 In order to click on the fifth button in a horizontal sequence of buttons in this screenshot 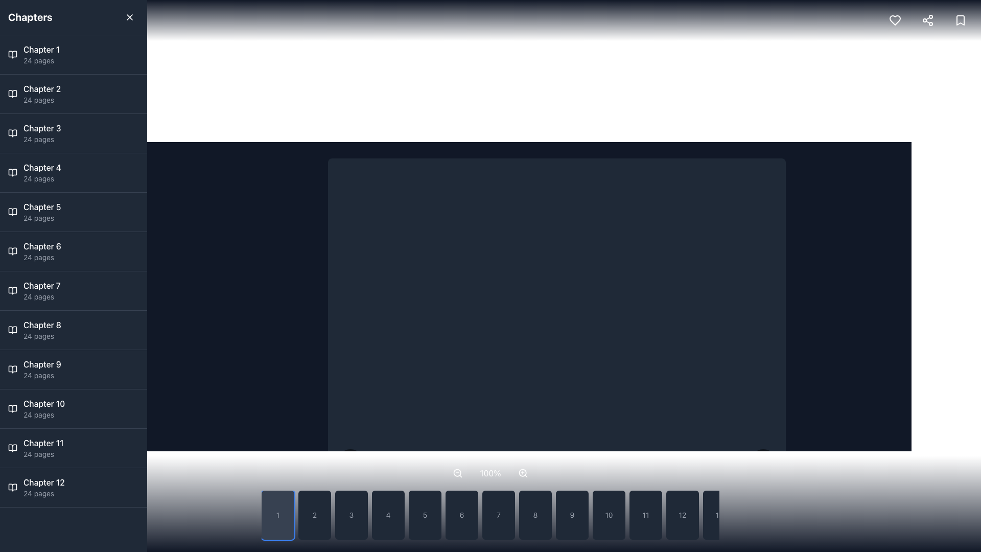, I will do `click(425, 515)`.